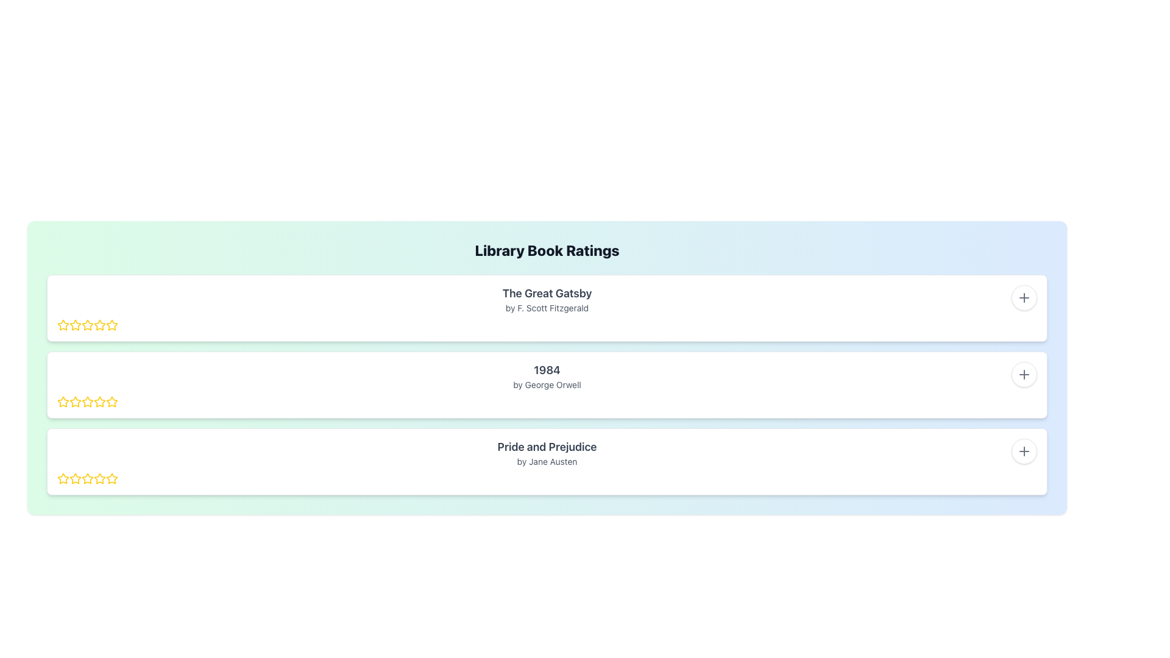 This screenshot has width=1170, height=658. I want to click on the third star in the horizontally aligned set of five yellow outlined star icons located under the '1984 by George Orwell' section in the 'Library Book Ratings' interface, so click(87, 402).